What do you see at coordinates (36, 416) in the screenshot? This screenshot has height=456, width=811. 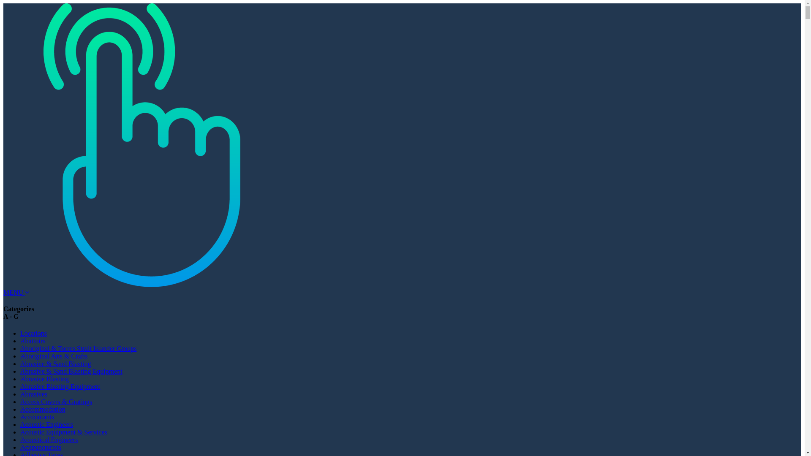 I see `'Accountants'` at bounding box center [36, 416].